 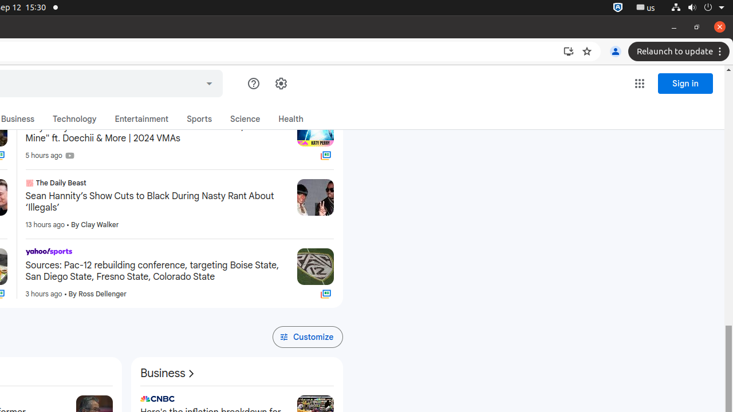 What do you see at coordinates (307, 336) in the screenshot?
I see `'Customize'` at bounding box center [307, 336].